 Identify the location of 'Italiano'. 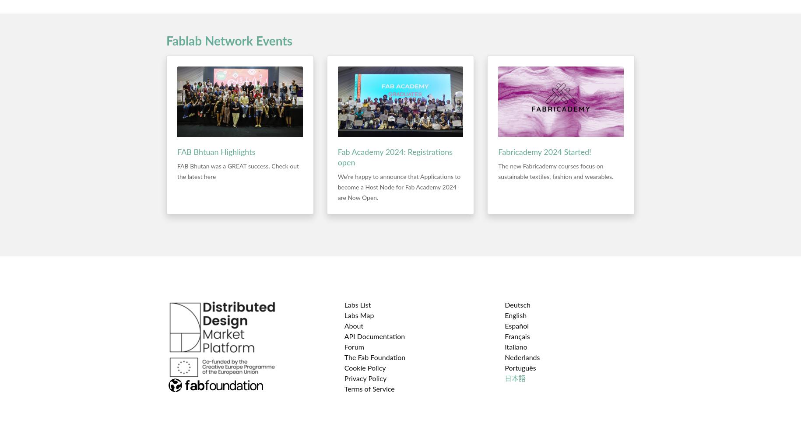
(515, 347).